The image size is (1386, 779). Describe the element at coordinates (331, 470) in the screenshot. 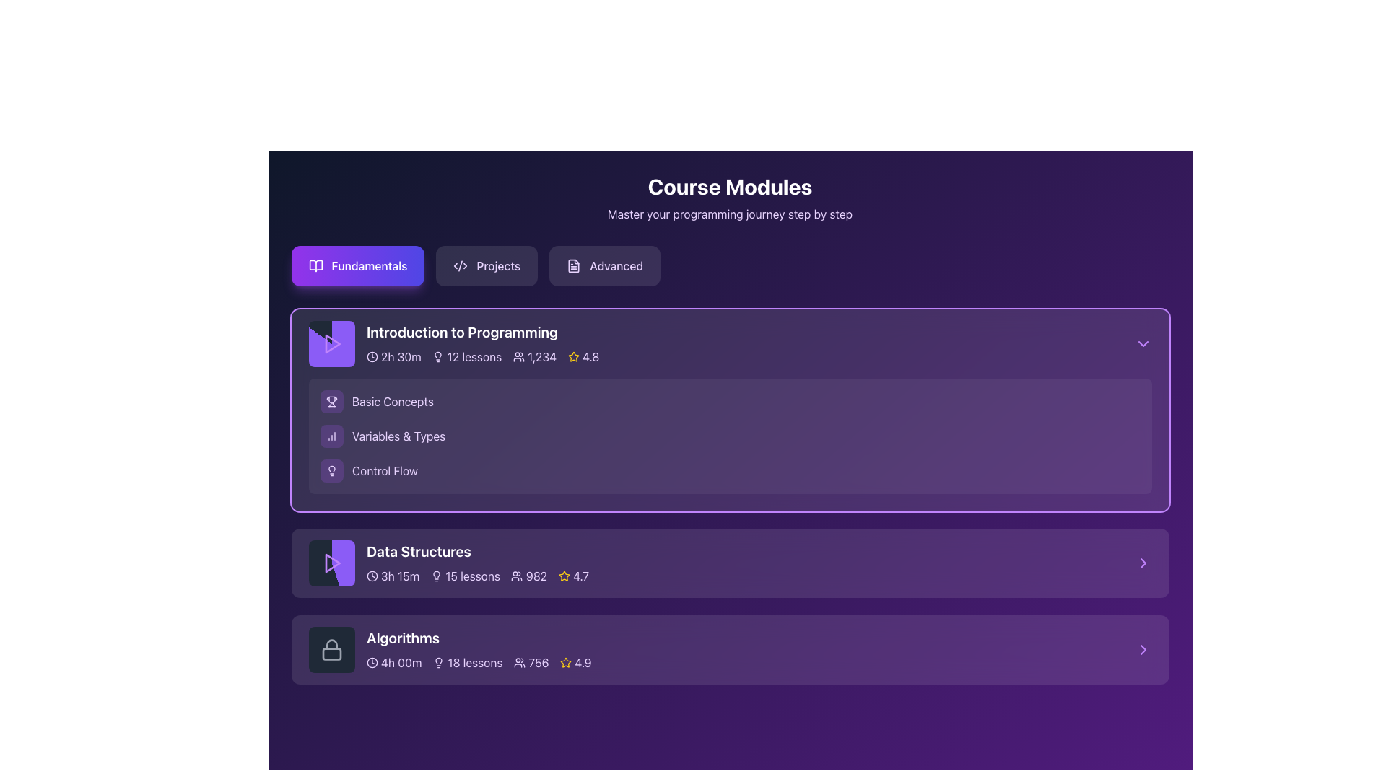

I see `the small square-shaped icon with a purple background featuring a lightbulb graphic, located in the 'Control Flow' section of the 'Introduction to Programming' module` at that location.